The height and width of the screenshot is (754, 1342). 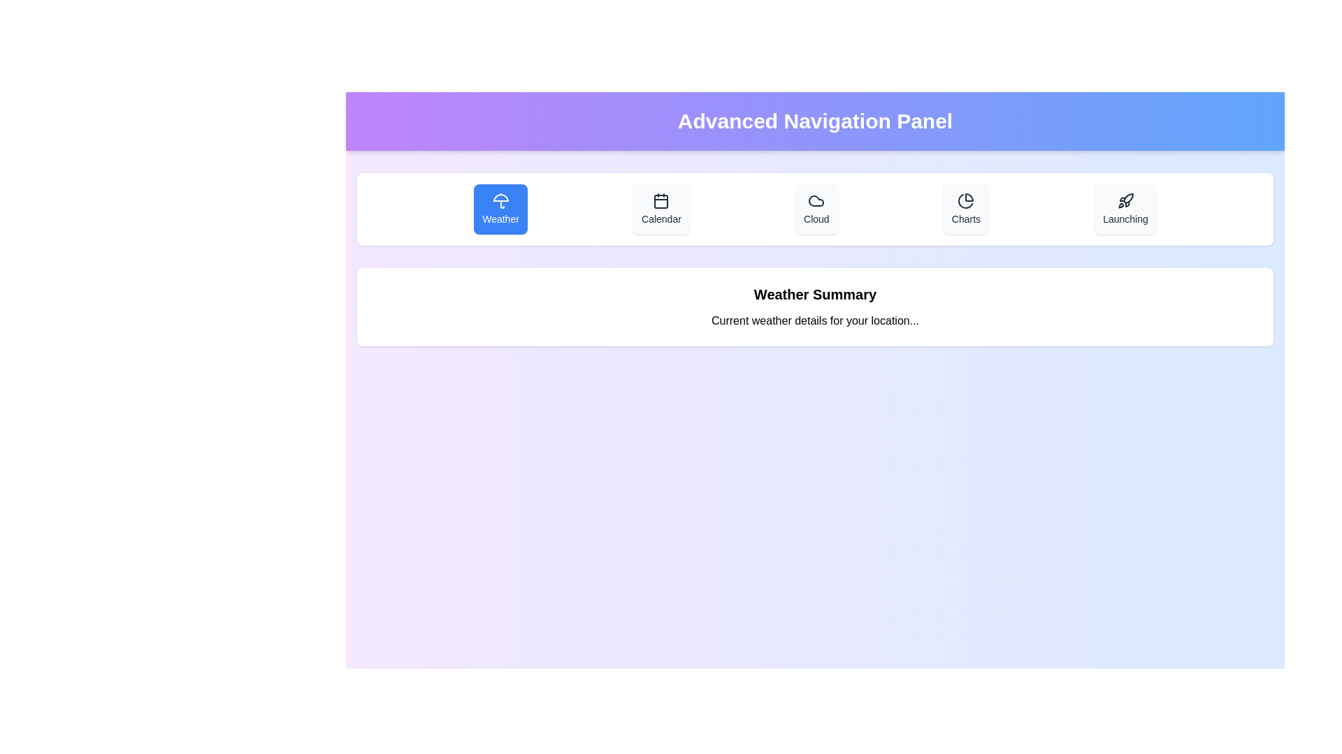 I want to click on the header text element that serves as a title for the weather details section, so click(x=815, y=293).